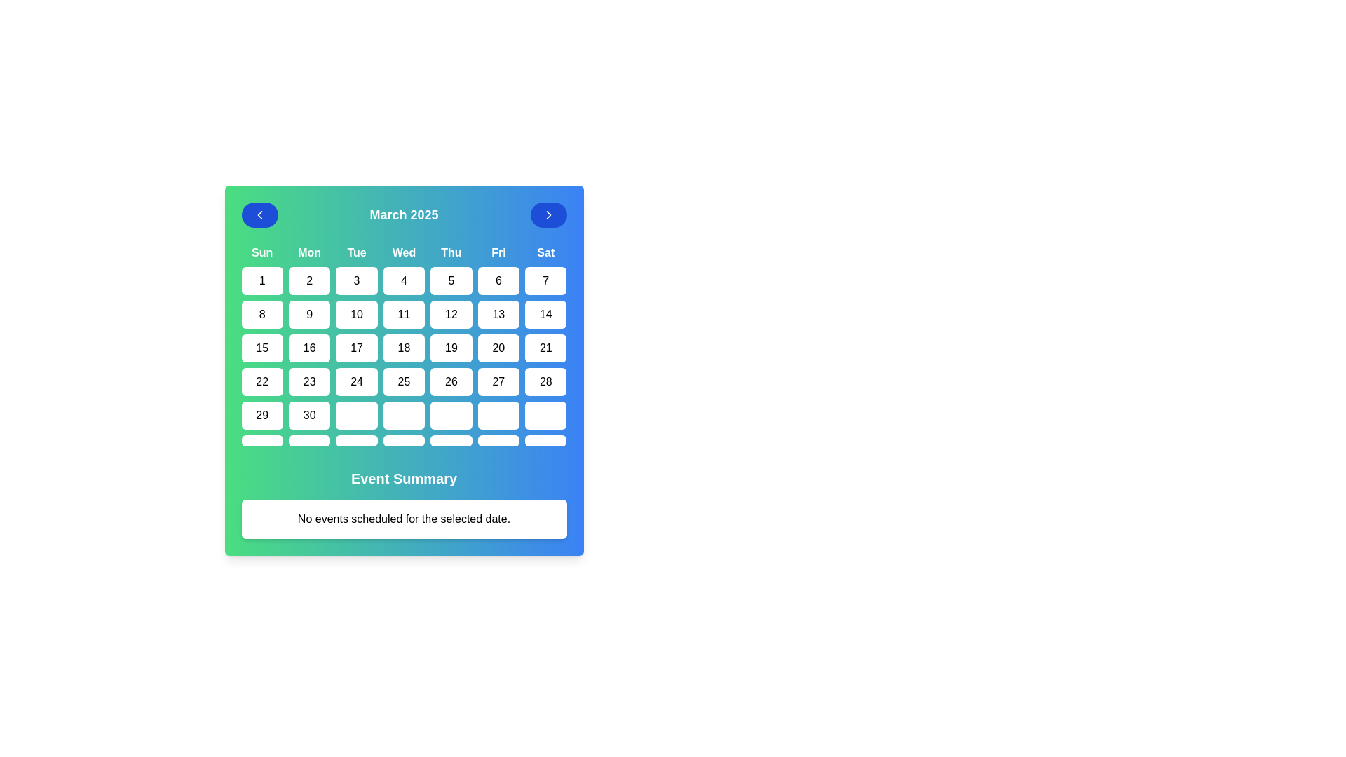 The width and height of the screenshot is (1346, 757). Describe the element at coordinates (308, 415) in the screenshot. I see `the button representing the date 30 in the calendar view to activate it` at that location.